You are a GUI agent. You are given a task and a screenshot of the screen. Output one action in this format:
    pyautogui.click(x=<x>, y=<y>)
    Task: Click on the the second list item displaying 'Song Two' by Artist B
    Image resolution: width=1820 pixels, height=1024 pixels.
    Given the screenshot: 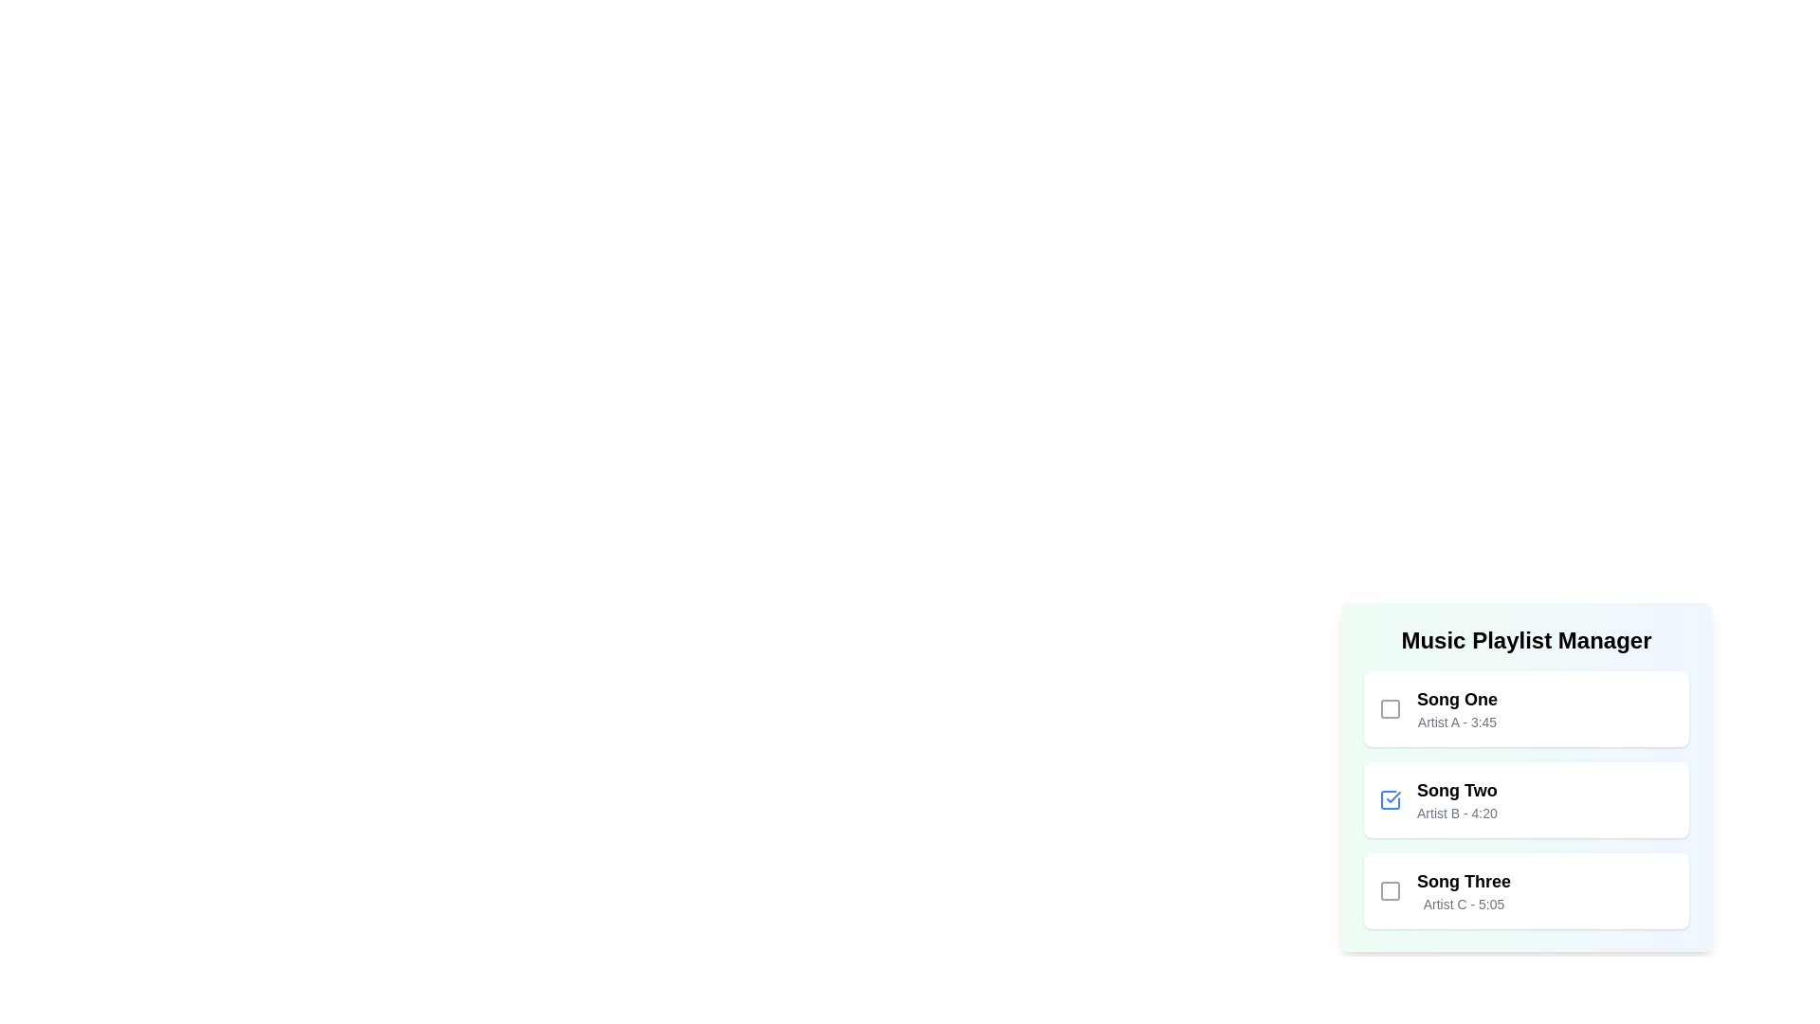 What is the action you would take?
    pyautogui.click(x=1526, y=800)
    